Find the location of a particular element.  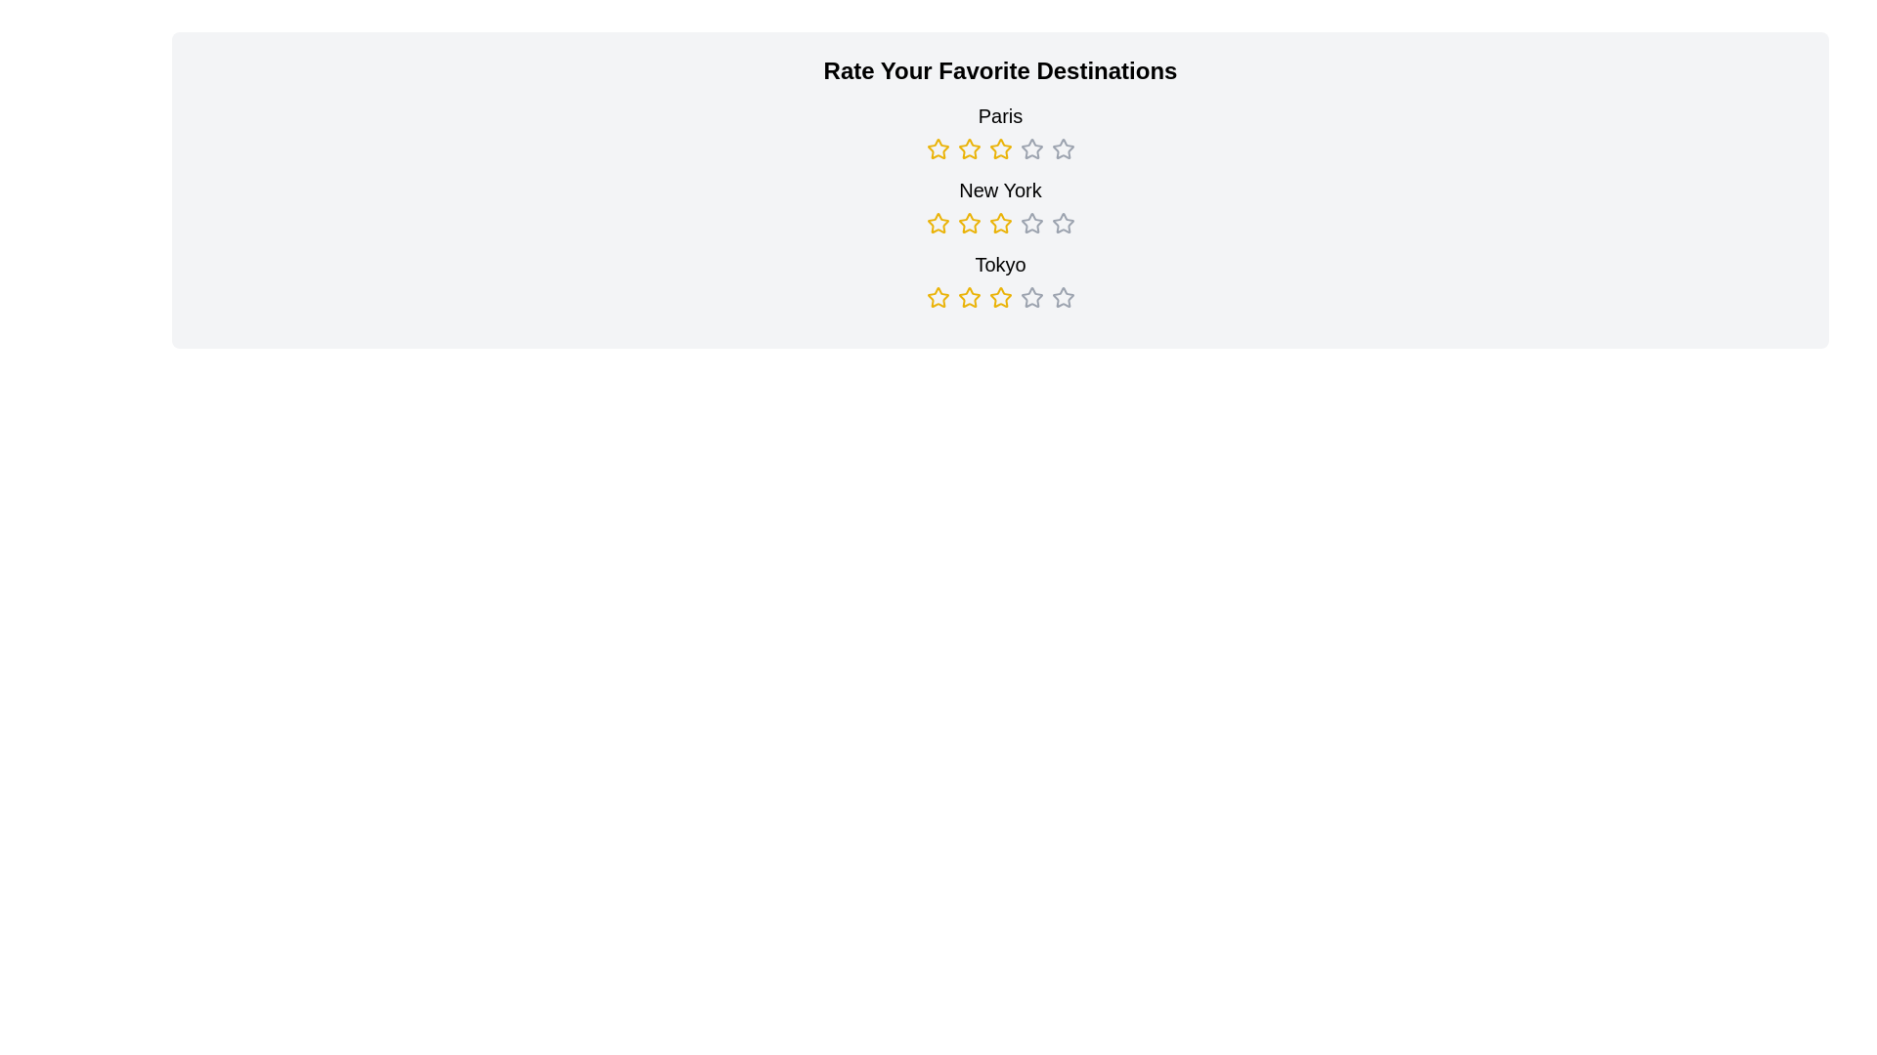

the third star icon from the left in the star rating row to rate the 'Paris' destination with a rating of three out of five is located at coordinates (1000, 148).